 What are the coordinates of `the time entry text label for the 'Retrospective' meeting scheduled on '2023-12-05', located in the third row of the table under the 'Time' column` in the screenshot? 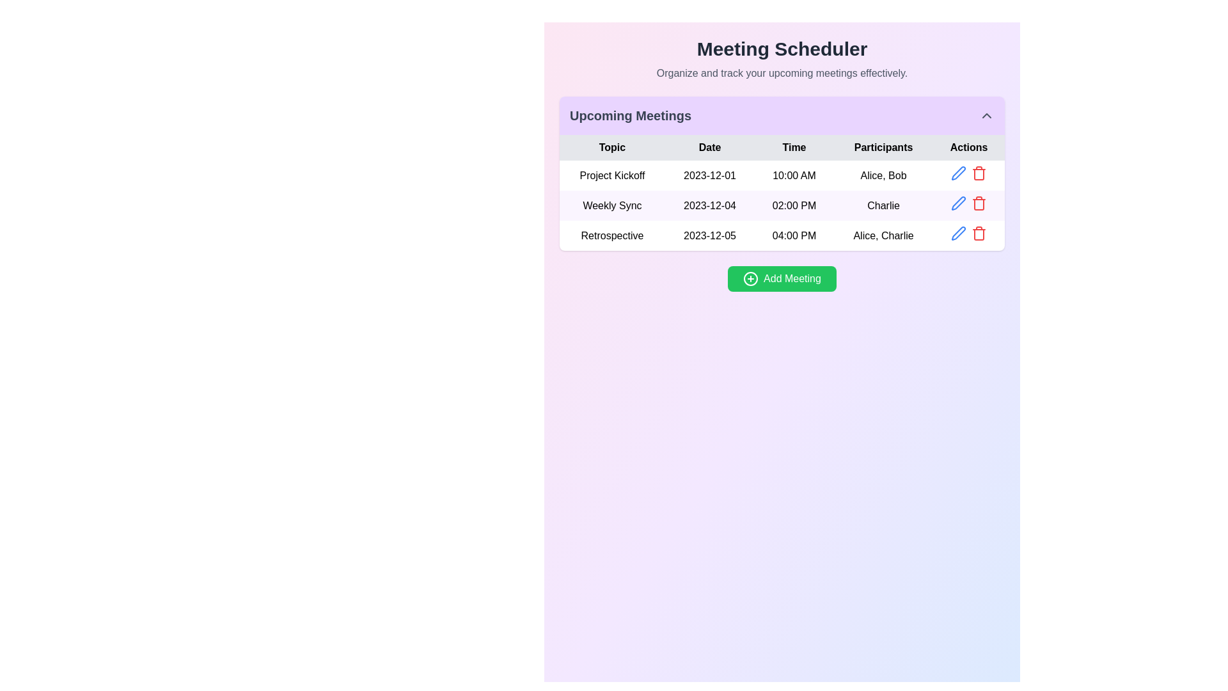 It's located at (794, 235).